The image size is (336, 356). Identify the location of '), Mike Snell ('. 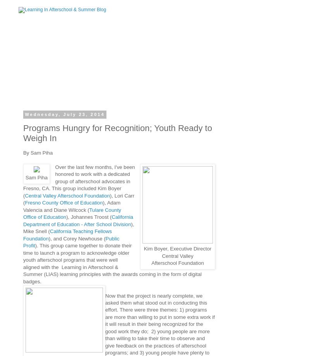
(79, 227).